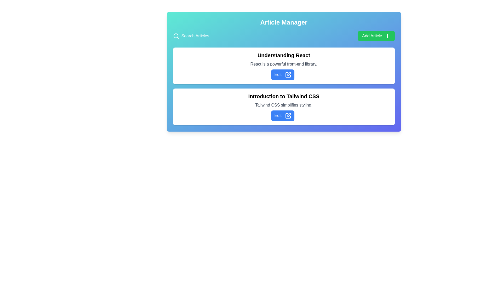 The height and width of the screenshot is (282, 502). Describe the element at coordinates (283, 66) in the screenshot. I see `information displayed on the 'Understanding React' information card located at the upper part of the main content area` at that location.